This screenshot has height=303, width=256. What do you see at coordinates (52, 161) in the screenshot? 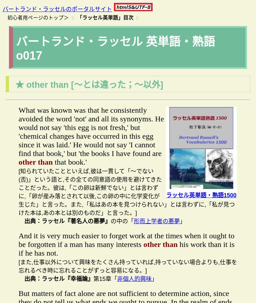
I see `'that book.''` at bounding box center [52, 161].